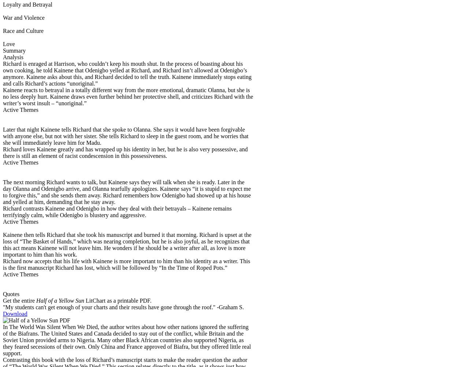 This screenshot has width=457, height=367. What do you see at coordinates (127, 244) in the screenshot?
I see `'that she took his manuscript and burned it that morning. Richard is upset at the loss of “The Basket of Hands,” which was nearing completion, but he is also joyful, as he recognizes that this act means Kainene will not leave him. He wonders if he should be a writer after all, as love is more important to him than his work.'` at bounding box center [127, 244].